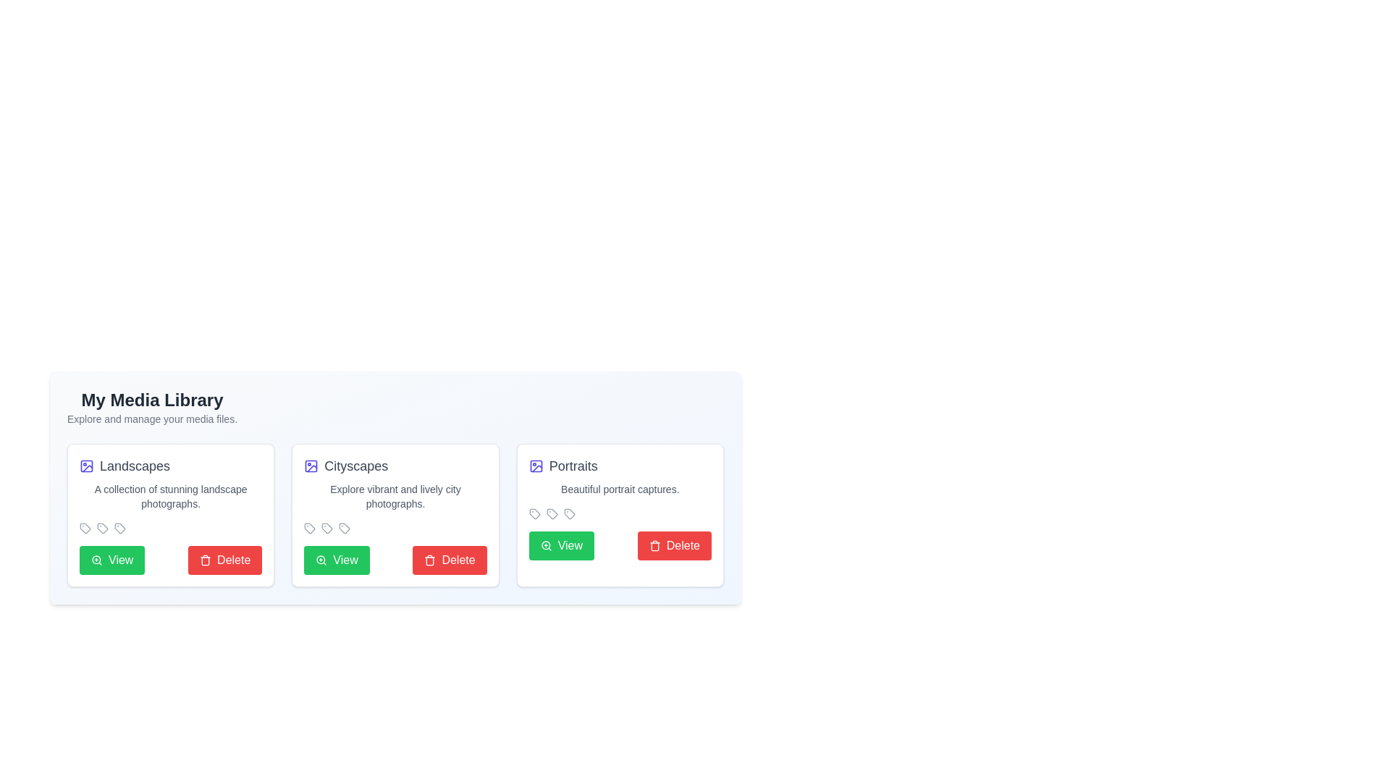 This screenshot has height=782, width=1390. I want to click on the static text element that describes 'Explore and manage your media files.' positioned beneath the title 'My Media Library.', so click(152, 419).